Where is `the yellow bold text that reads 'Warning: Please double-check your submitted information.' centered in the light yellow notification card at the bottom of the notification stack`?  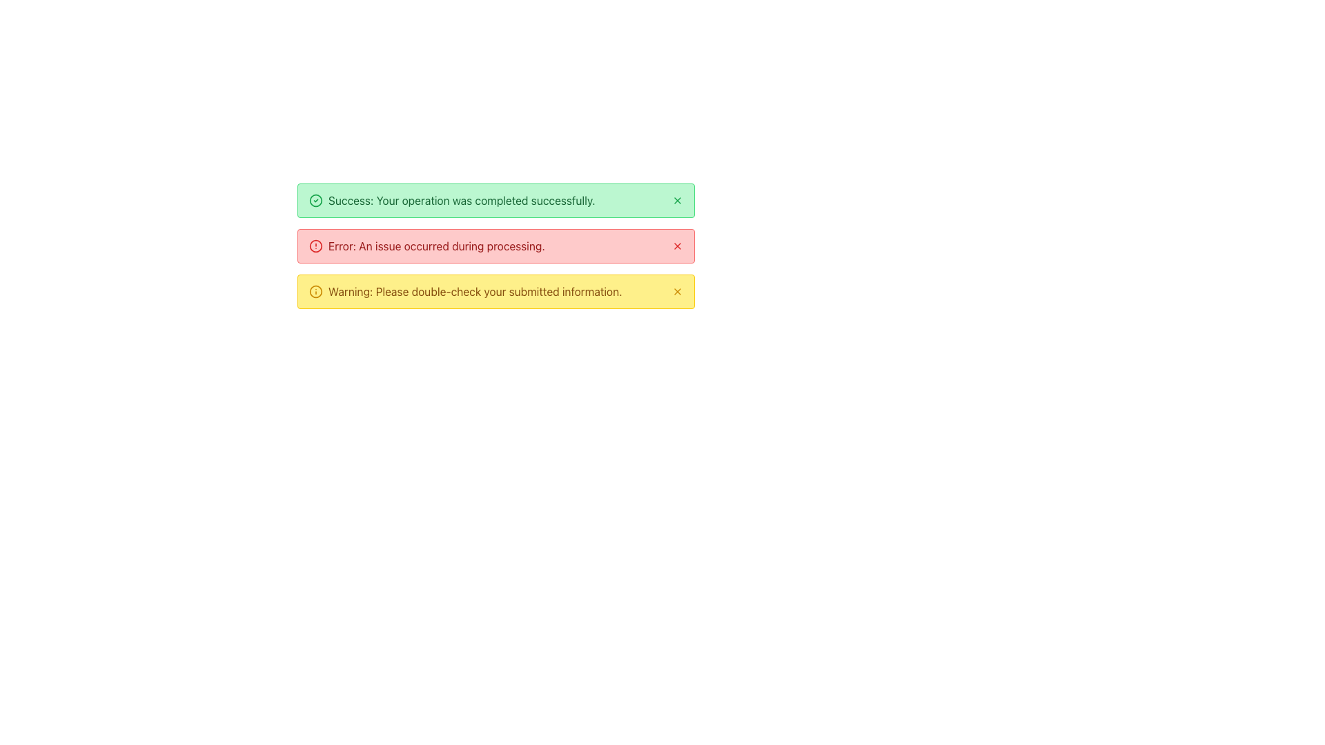
the yellow bold text that reads 'Warning: Please double-check your submitted information.' centered in the light yellow notification card at the bottom of the notification stack is located at coordinates (475, 291).